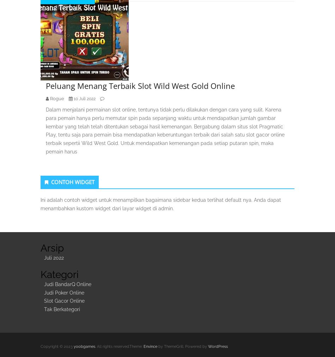  What do you see at coordinates (67, 284) in the screenshot?
I see `'Judi BandarQ Online'` at bounding box center [67, 284].